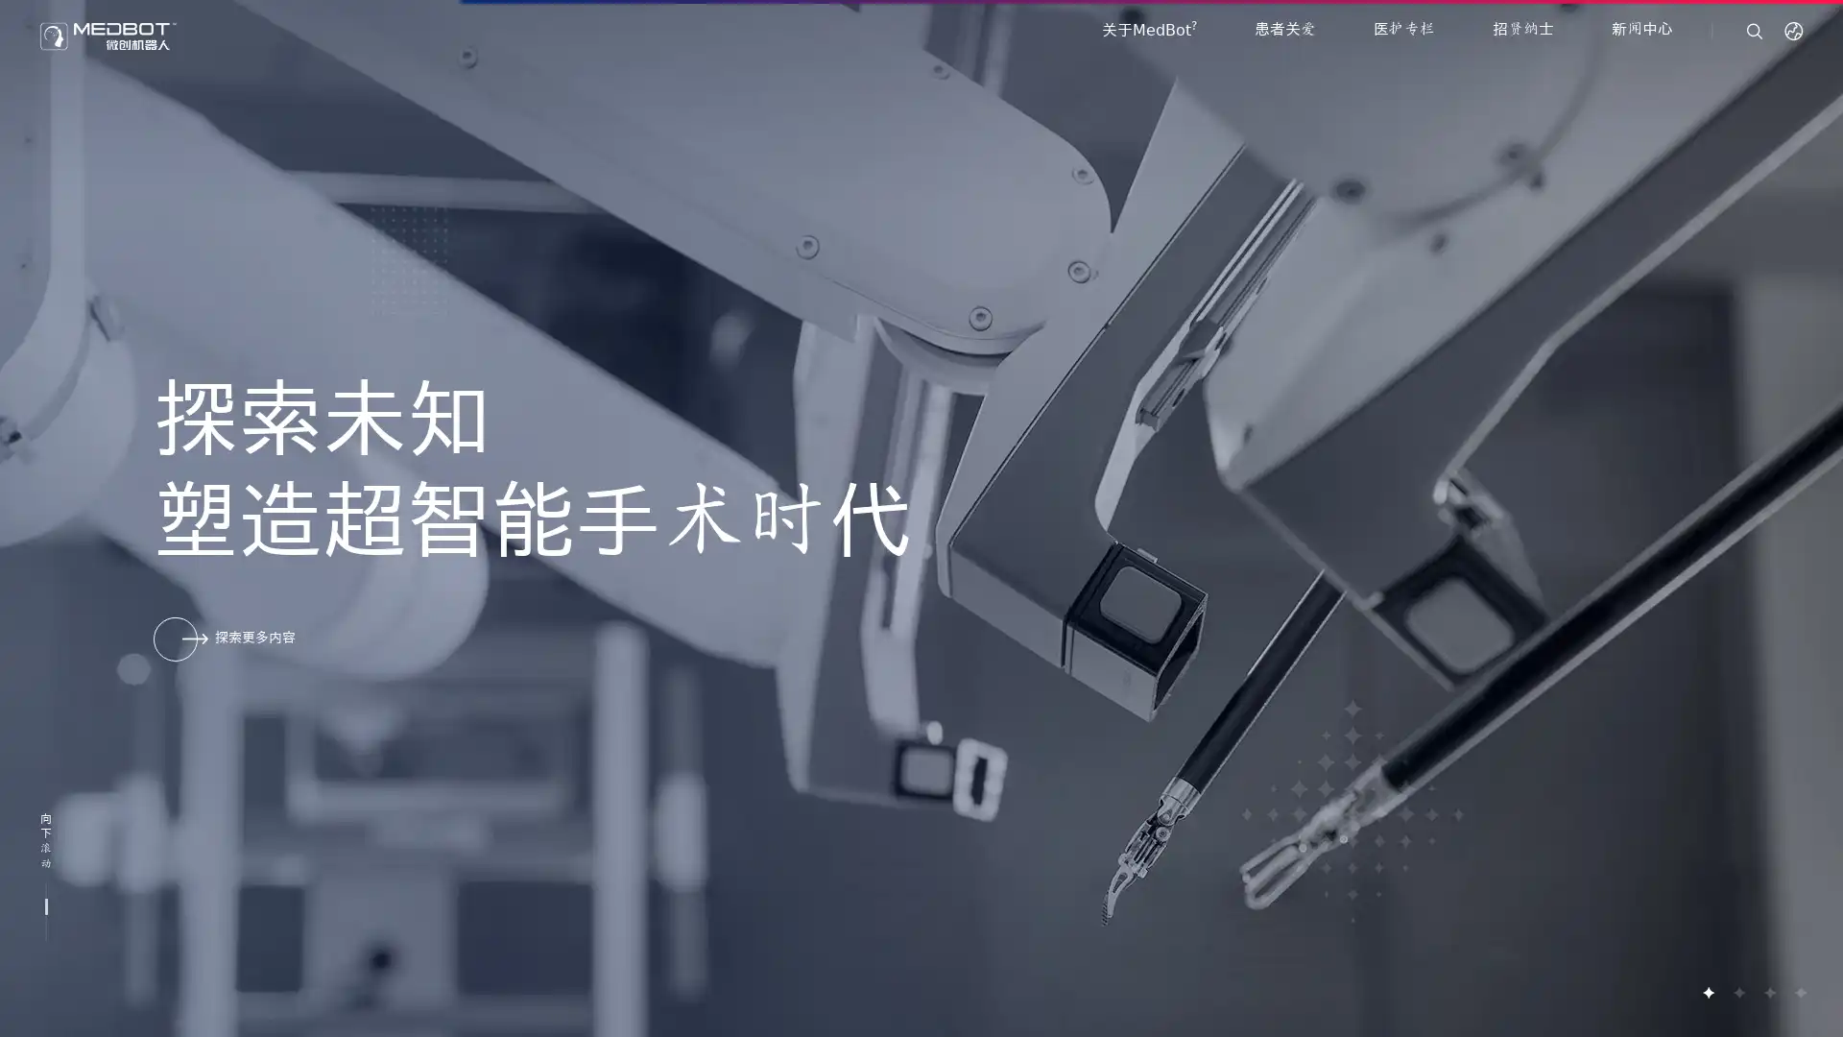 Image resolution: width=1843 pixels, height=1037 pixels. I want to click on Go to slide 1, so click(1708, 992).